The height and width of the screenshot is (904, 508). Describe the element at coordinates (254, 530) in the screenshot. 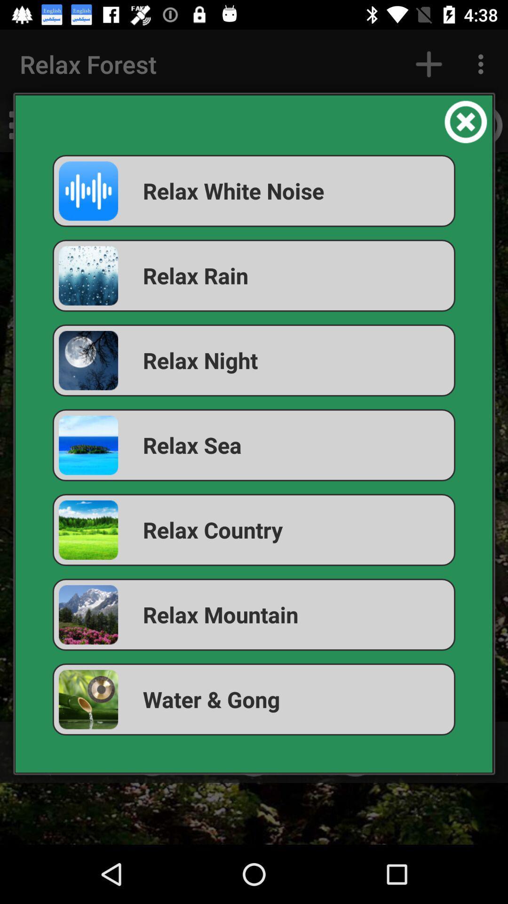

I see `the icon below the relax sea app` at that location.